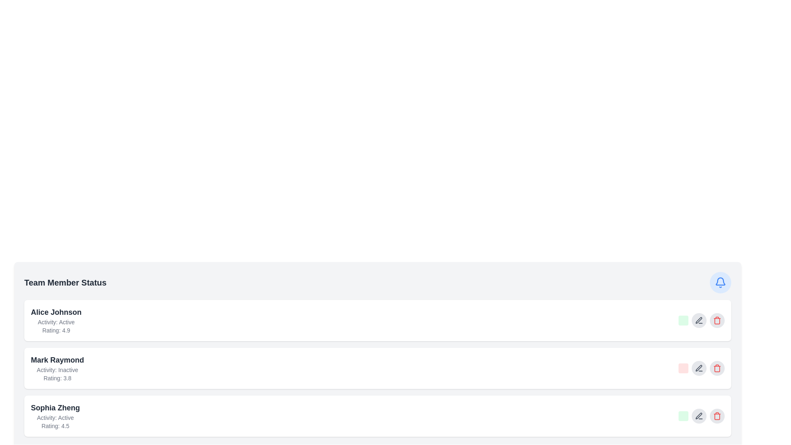 This screenshot has height=445, width=791. Describe the element at coordinates (720, 282) in the screenshot. I see `the bell-shaped notification icon with a blue outline located in the top right corner of the interface` at that location.